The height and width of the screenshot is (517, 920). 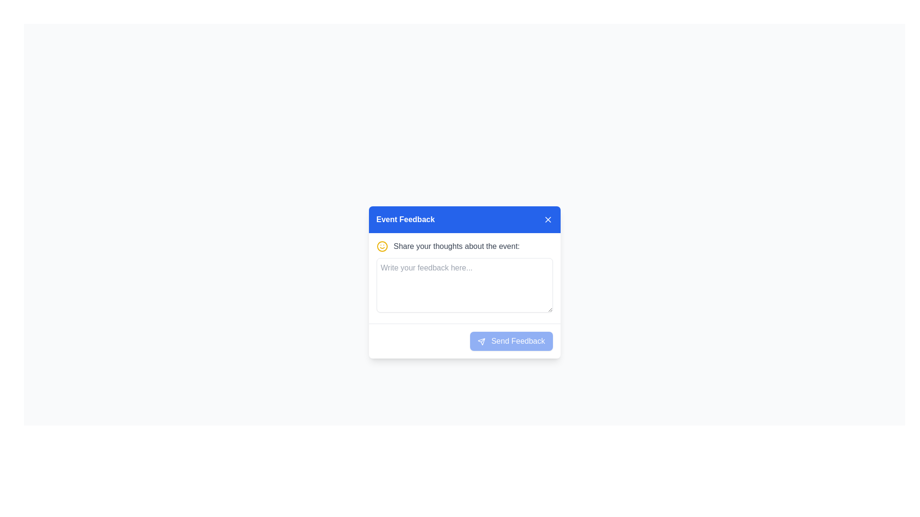 What do you see at coordinates (510, 341) in the screenshot?
I see `'Send Feedback' button to submit the feedback` at bounding box center [510, 341].